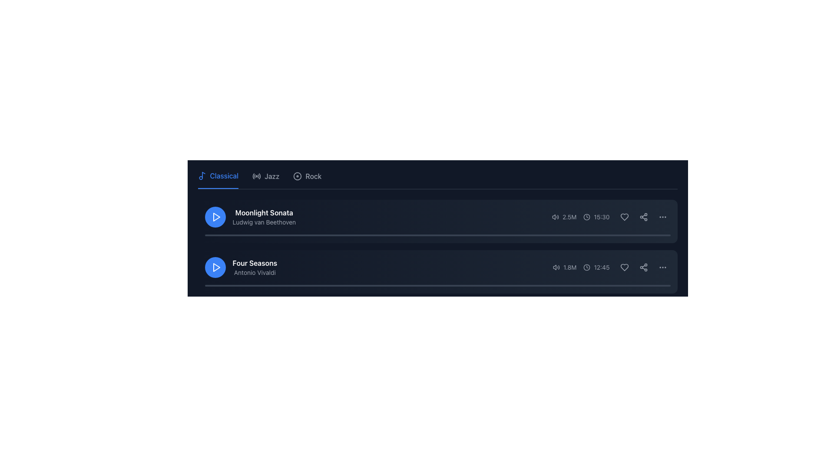  I want to click on the Time display element that visually indicates duration or time, located between the numeric detail '2.5M' and interaction icons such as heart and share button, so click(596, 217).